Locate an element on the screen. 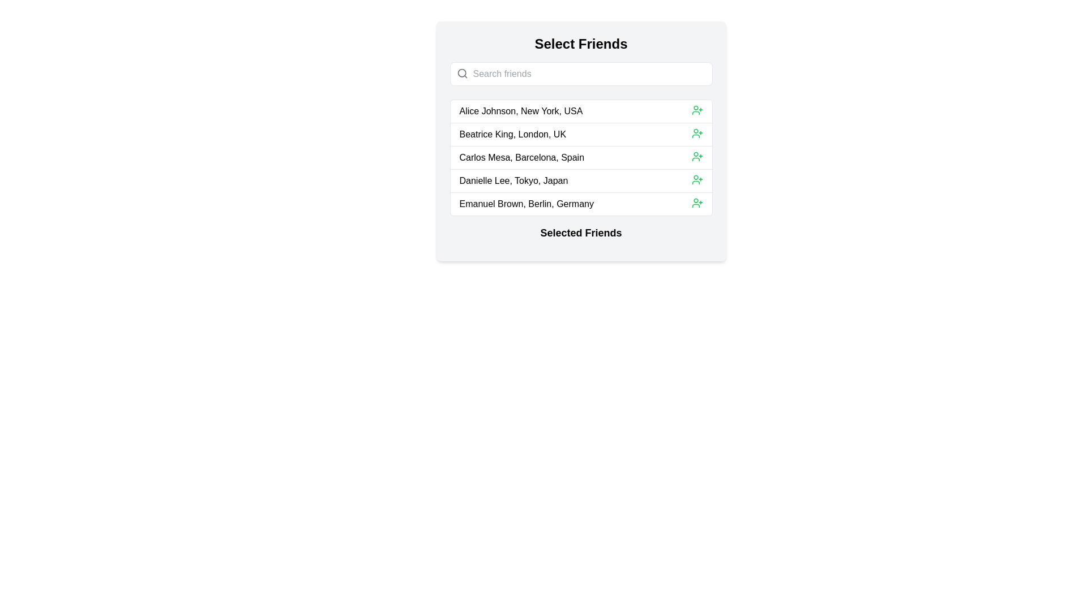  the friend suggestion list item representing the person directly below 'Alice Johnson, New York, USA' and above 'Carlos Mesa, Barcelona, Spain' is located at coordinates (581, 134).